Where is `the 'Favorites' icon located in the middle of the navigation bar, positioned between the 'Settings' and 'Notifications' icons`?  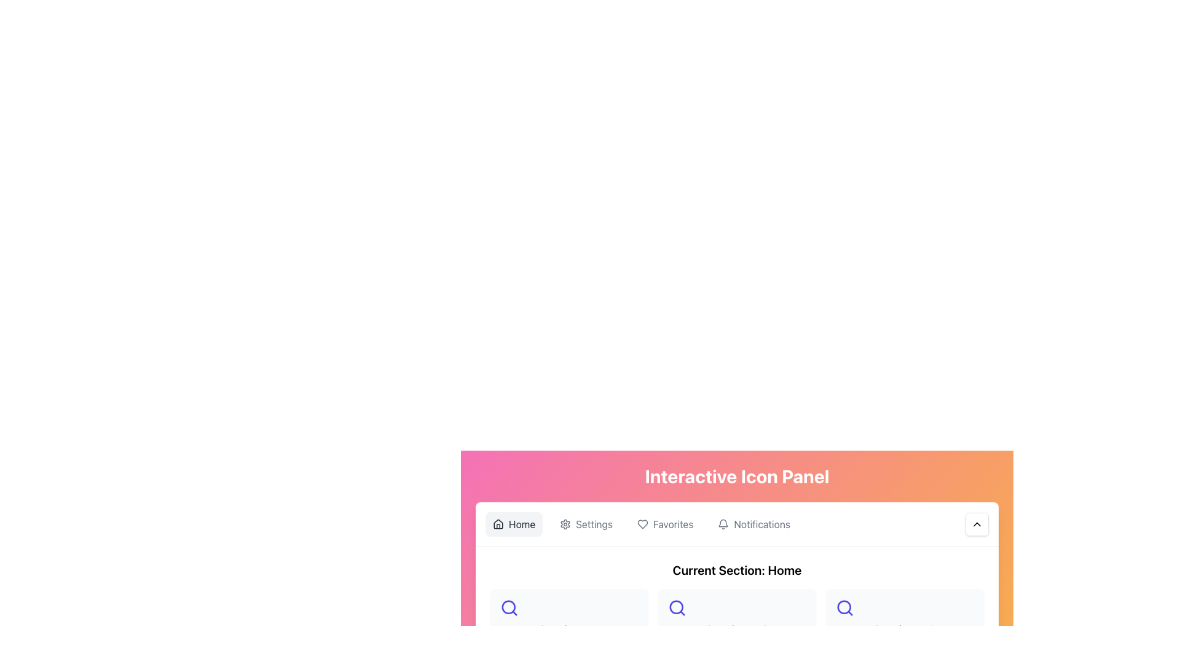
the 'Favorites' icon located in the middle of the navigation bar, positioned between the 'Settings' and 'Notifications' icons is located at coordinates (642, 524).